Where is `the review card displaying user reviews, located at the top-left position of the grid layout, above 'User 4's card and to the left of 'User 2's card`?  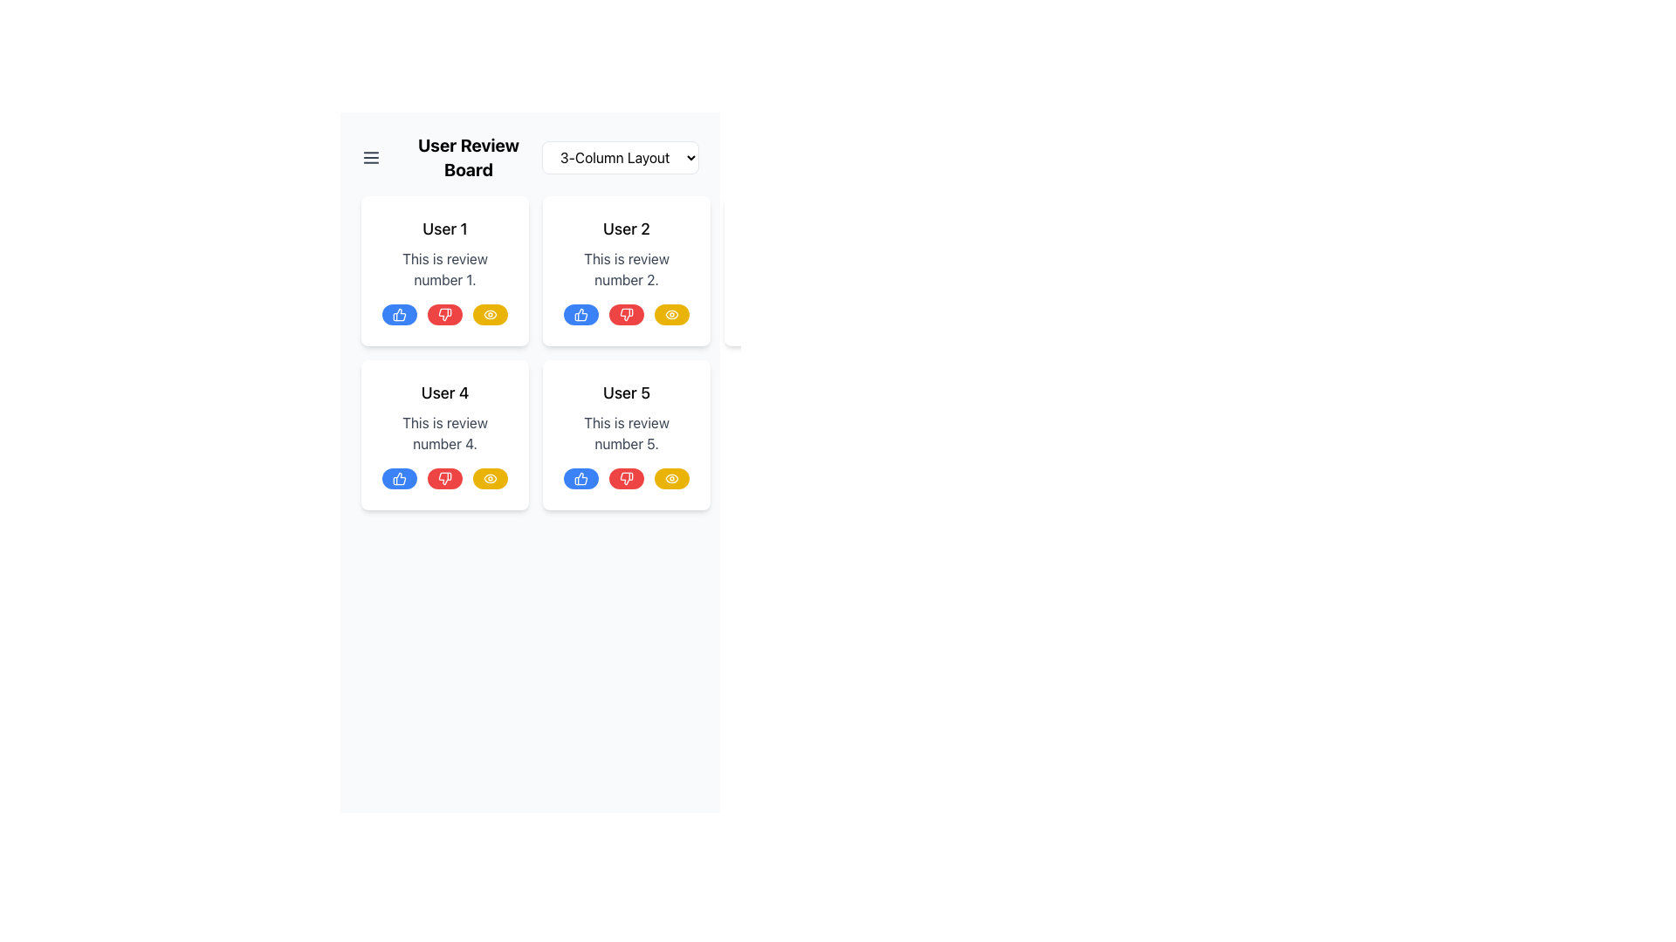
the review card displaying user reviews, located at the top-left position of the grid layout, above 'User 4's card and to the left of 'User 2's card is located at coordinates (444, 271).